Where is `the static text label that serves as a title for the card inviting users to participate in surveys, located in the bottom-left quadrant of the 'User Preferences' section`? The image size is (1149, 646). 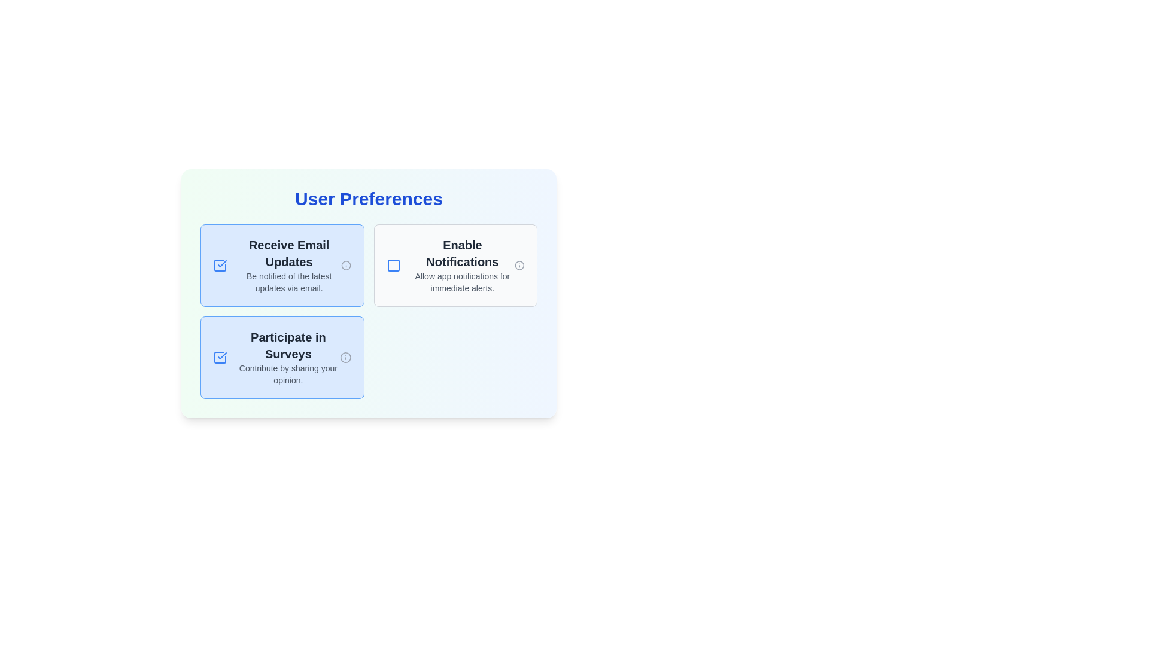
the static text label that serves as a title for the card inviting users to participate in surveys, located in the bottom-left quadrant of the 'User Preferences' section is located at coordinates (288, 346).